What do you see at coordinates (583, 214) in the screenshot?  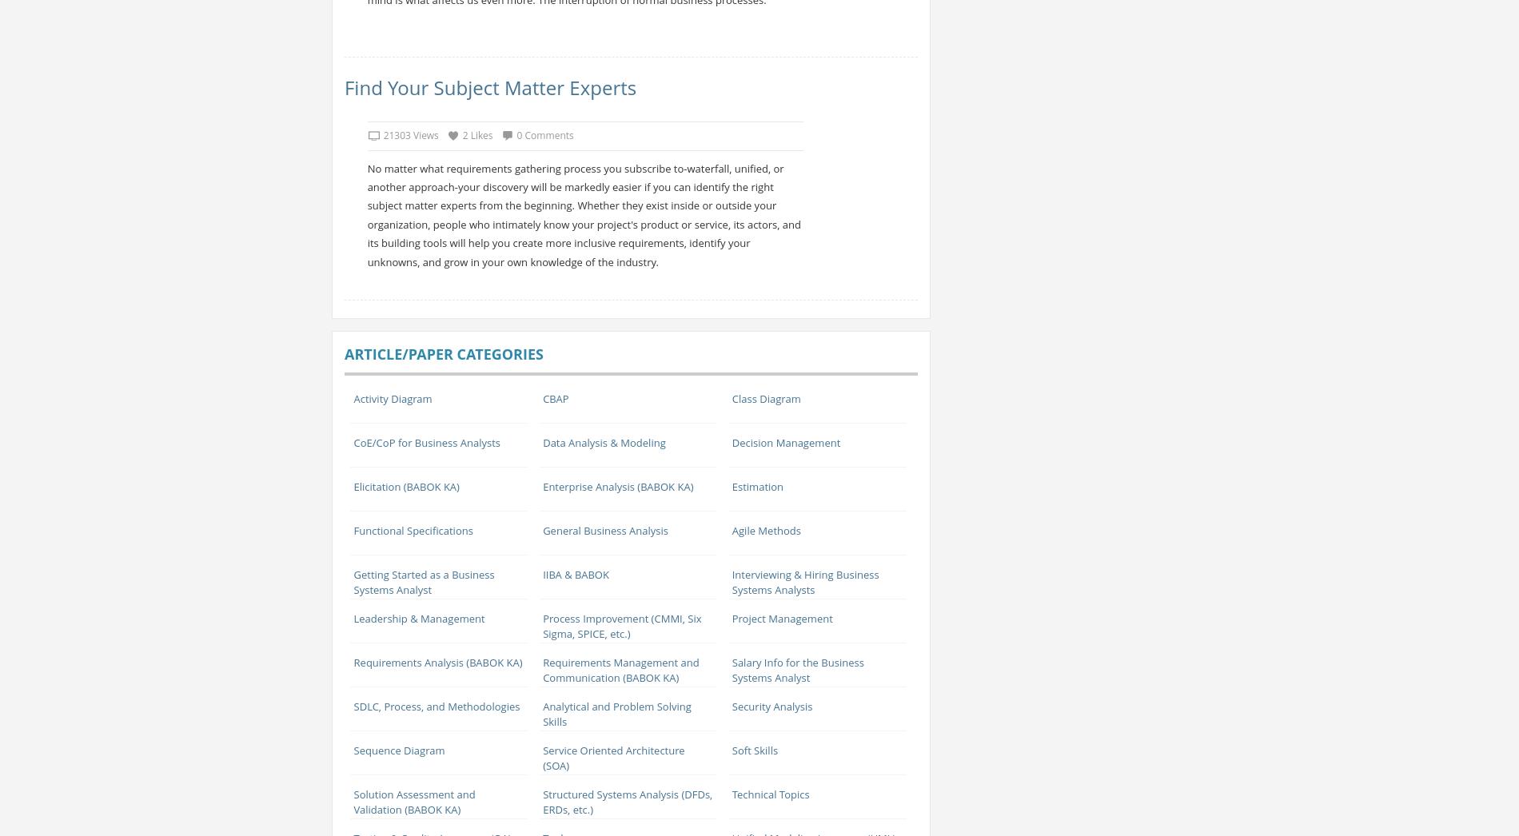 I see `'No matter what requirements gathering process you subscribe to-waterfall, unified, or another approach-your discovery will be markedly easier if you can identify the right subject matter experts from the beginning. Whether they exist inside or outside your organization, people who intimately know your project's product or service, its actors, and its building tools will help you create more inclusive requirements, identify your unknowns, and grow in your own knowledge of the industry.'` at bounding box center [583, 214].